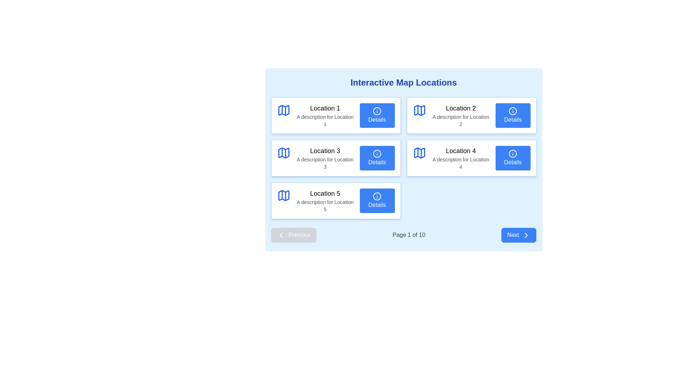  I want to click on the text label that displays the title of the location in the second row, second column of the grid layout, so click(460, 150).